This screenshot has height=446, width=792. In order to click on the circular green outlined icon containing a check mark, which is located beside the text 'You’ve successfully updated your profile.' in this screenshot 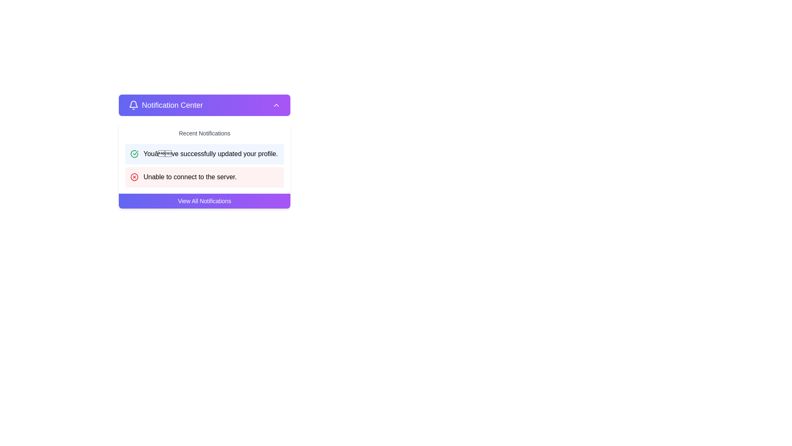, I will do `click(134, 154)`.